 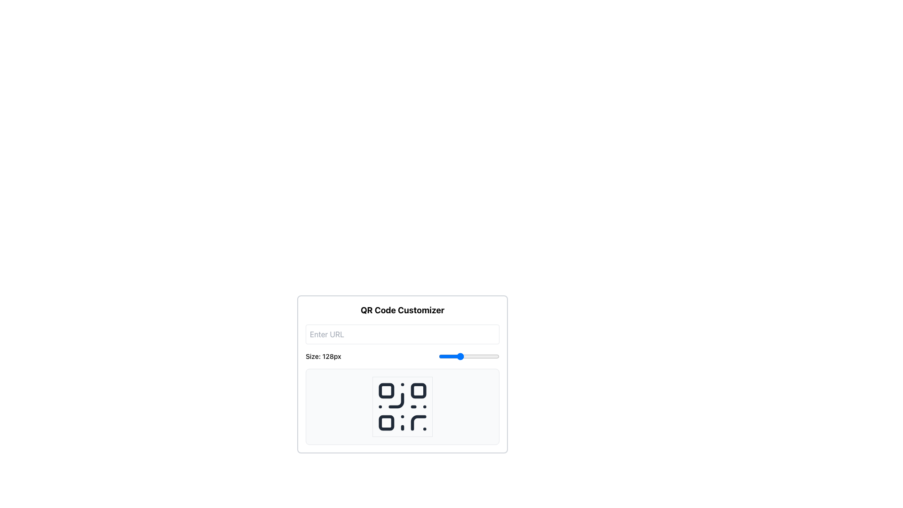 I want to click on the size, so click(x=439, y=357).